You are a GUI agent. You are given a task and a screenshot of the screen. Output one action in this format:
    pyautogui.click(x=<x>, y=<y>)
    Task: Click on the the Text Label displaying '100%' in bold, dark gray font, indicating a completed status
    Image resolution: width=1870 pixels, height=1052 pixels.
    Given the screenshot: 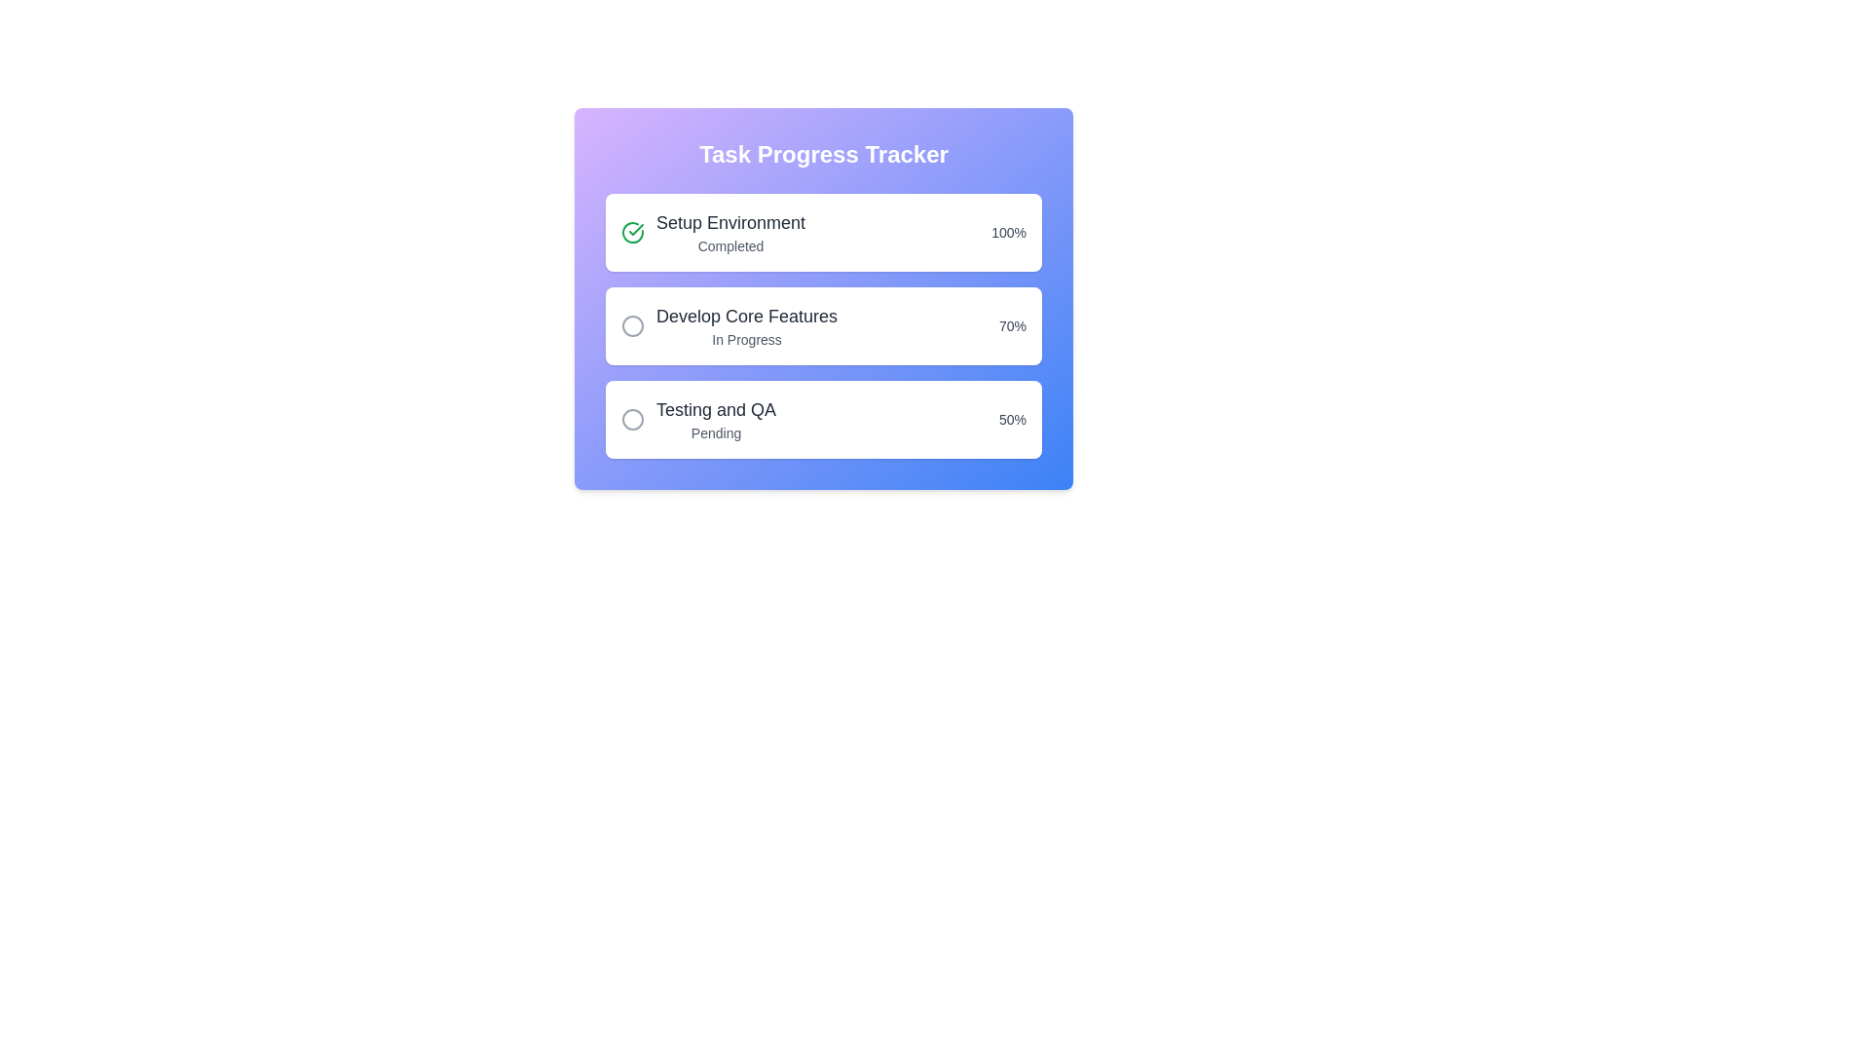 What is the action you would take?
    pyautogui.click(x=1009, y=232)
    